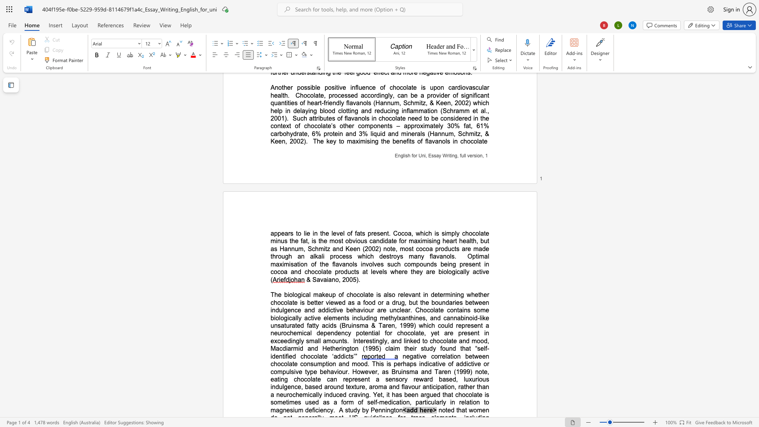  I want to click on the 1th character "r" in the text, so click(428, 410).